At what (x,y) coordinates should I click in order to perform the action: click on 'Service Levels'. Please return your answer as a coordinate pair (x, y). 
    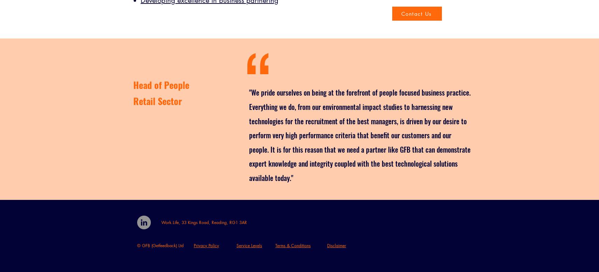
    Looking at the image, I should click on (249, 245).